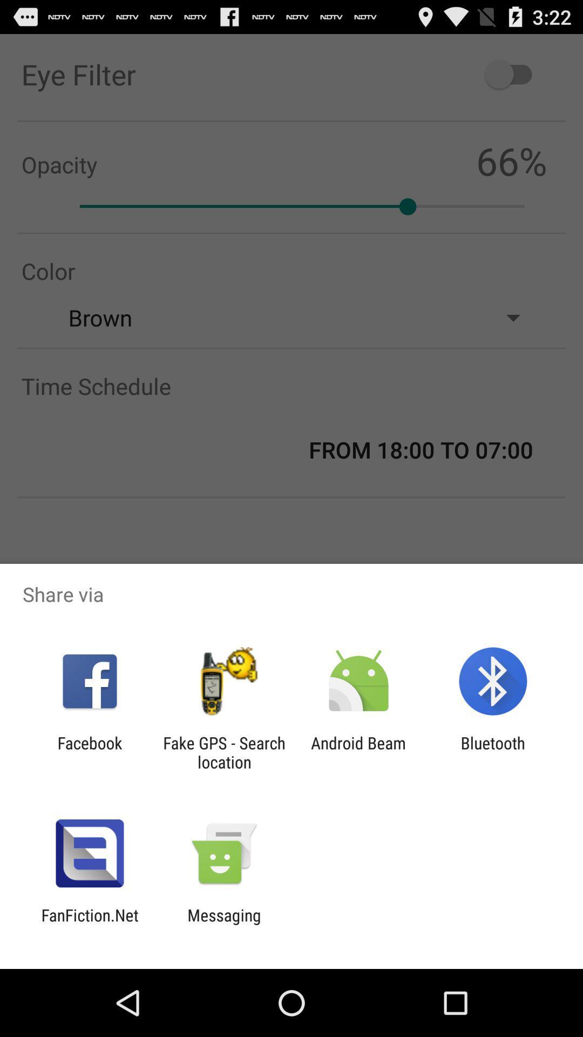 This screenshot has width=583, height=1037. Describe the element at coordinates (223, 924) in the screenshot. I see `the item to the right of the fanfiction.net` at that location.